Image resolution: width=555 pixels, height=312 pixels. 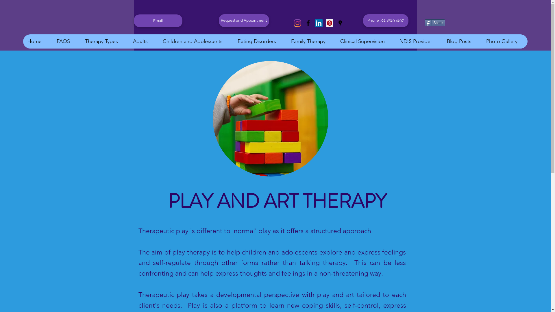 I want to click on 'NDIS Provider', so click(x=419, y=41).